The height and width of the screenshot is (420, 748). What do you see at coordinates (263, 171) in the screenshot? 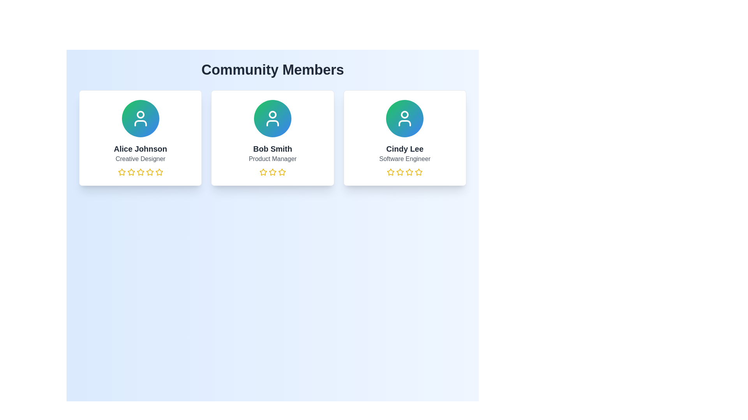
I see `the first yellow star rating icon under the name 'Bob Smith' in the 'Community Members' section` at bounding box center [263, 171].